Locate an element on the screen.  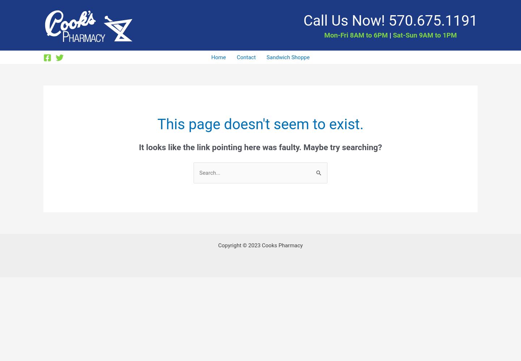
'Sat-Sun 9AM to 1PM' is located at coordinates (391, 35).